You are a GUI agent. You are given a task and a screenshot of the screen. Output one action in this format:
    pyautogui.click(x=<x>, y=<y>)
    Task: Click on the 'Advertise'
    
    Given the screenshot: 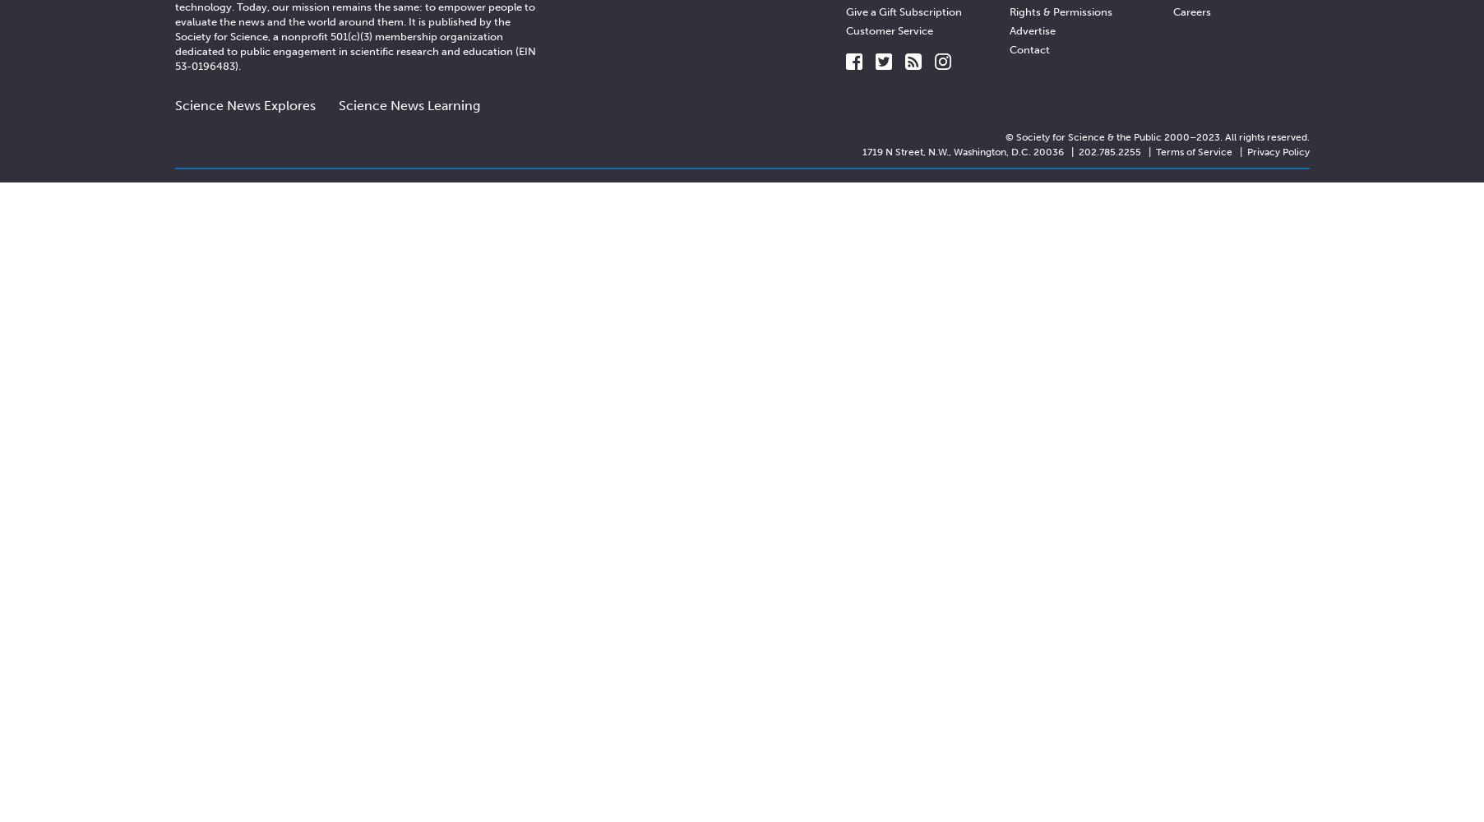 What is the action you would take?
    pyautogui.click(x=1031, y=30)
    